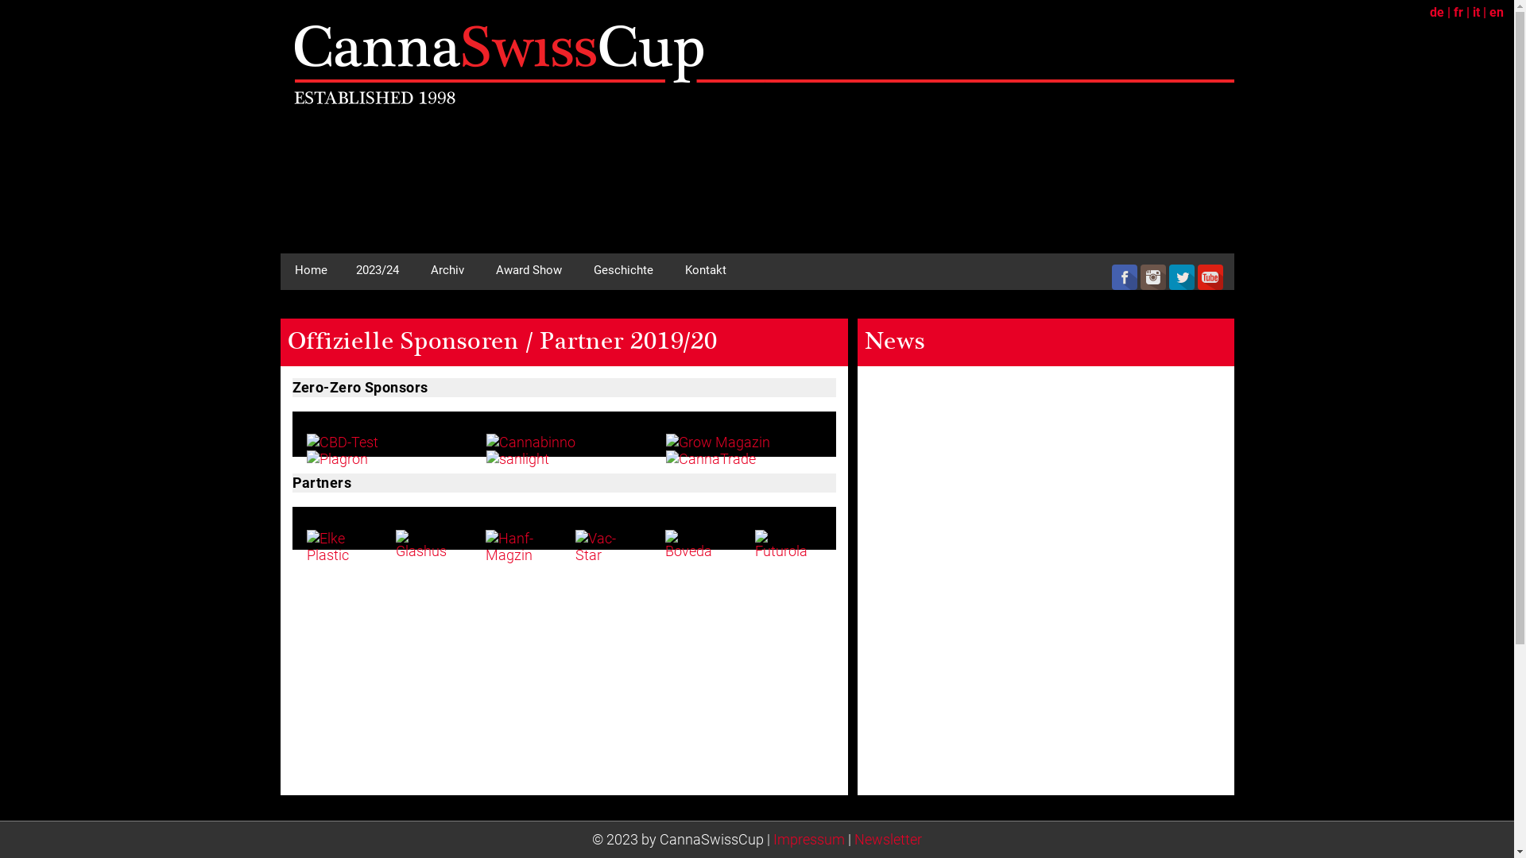  What do you see at coordinates (342, 442) in the screenshot?
I see `'CBD-Test'` at bounding box center [342, 442].